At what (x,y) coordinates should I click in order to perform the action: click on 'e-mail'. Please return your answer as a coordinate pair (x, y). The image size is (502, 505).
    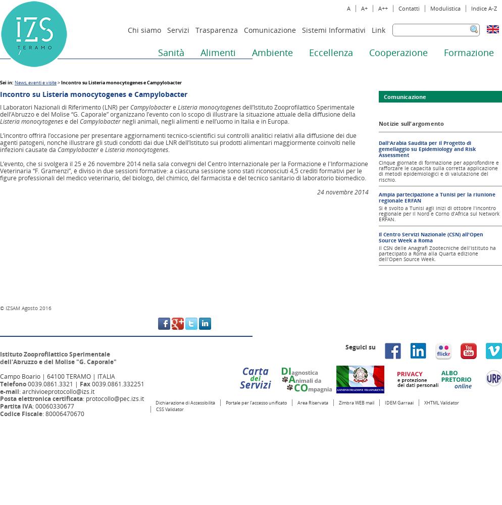
    Looking at the image, I should click on (0, 391).